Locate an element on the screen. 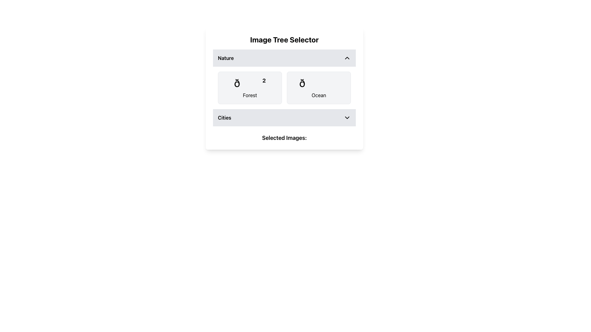  the text label that reads 'Selected Images:' which is styled with a bold font and located at the bottom of the 'Image Tree Selector' card layout, right below the 'Cities' section is located at coordinates (284, 137).